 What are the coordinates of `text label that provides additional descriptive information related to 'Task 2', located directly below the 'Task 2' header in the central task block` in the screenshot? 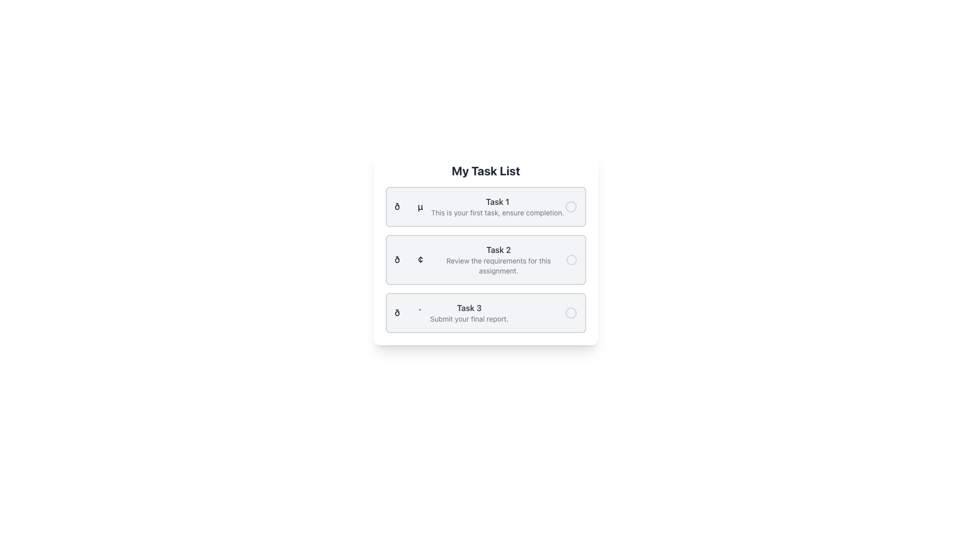 It's located at (499, 265).